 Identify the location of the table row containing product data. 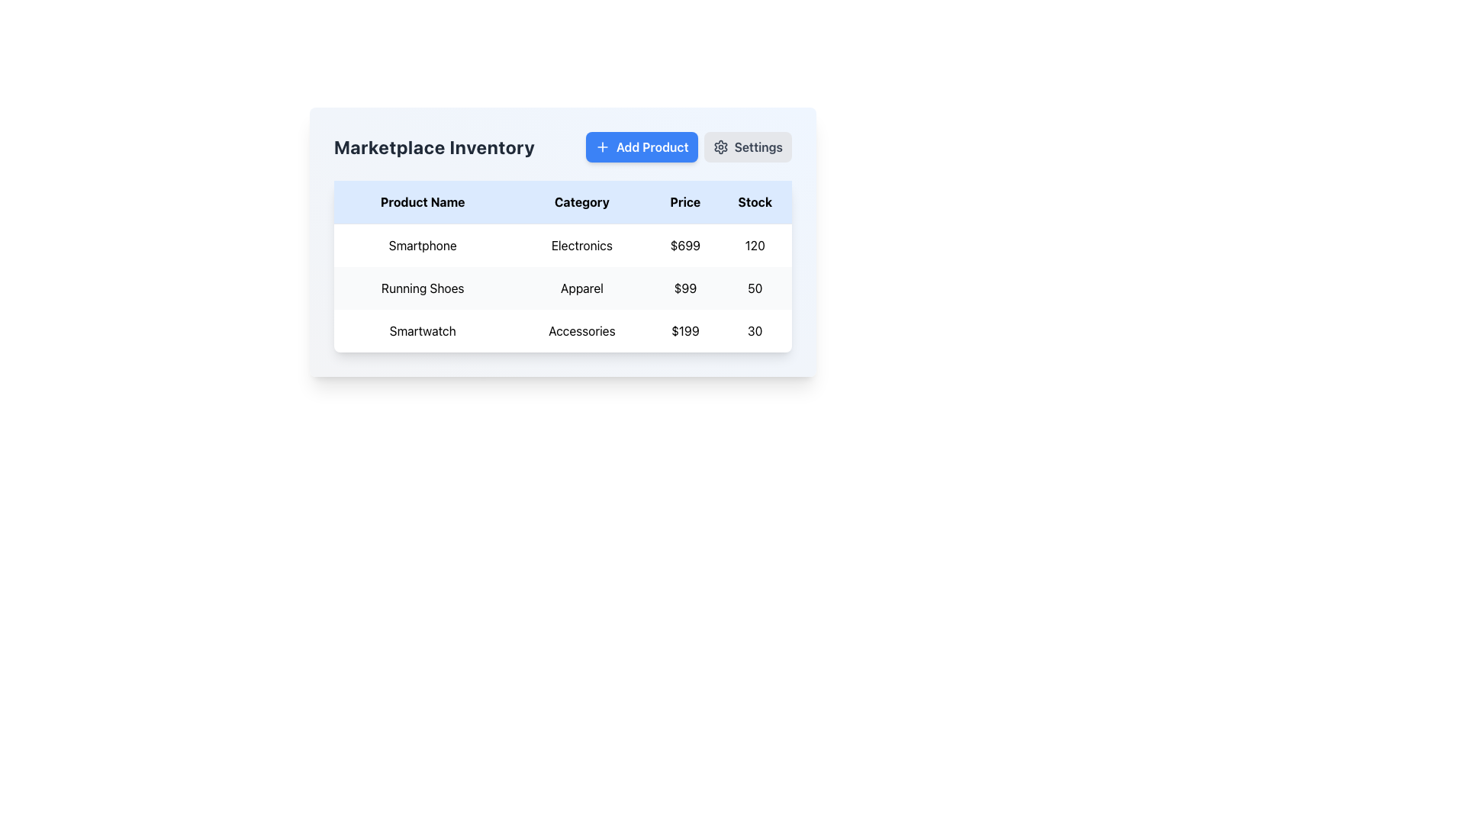
(562, 288).